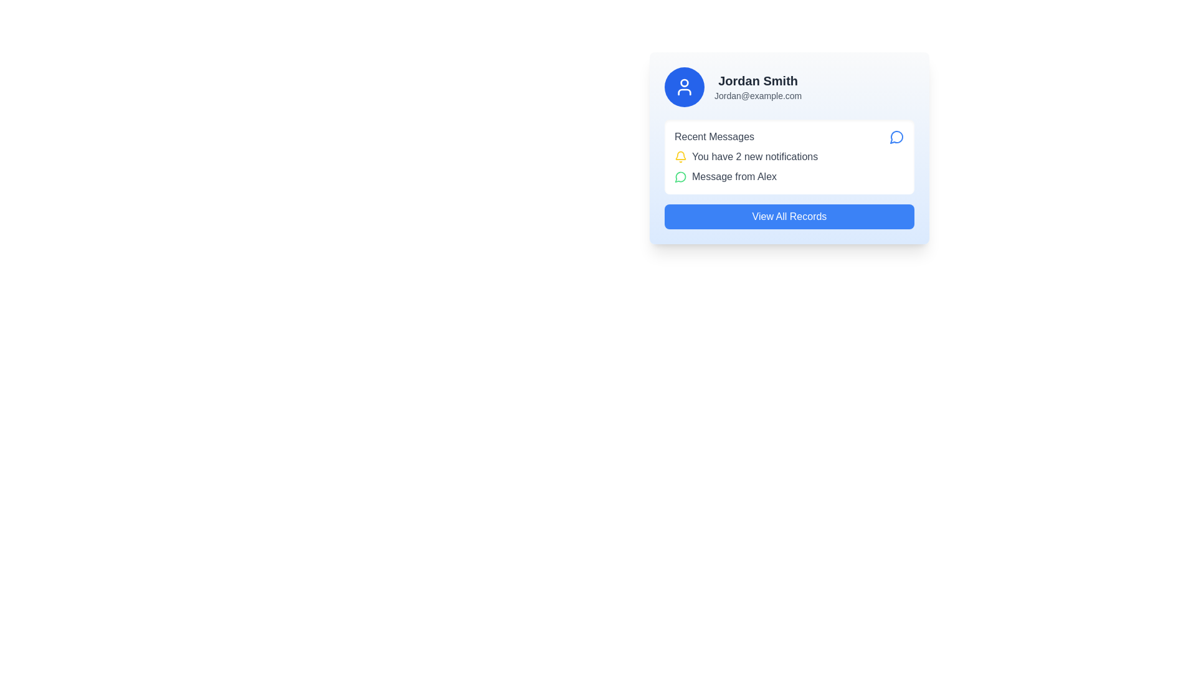 This screenshot has height=673, width=1196. I want to click on the notification label indicating that user 'Alex' has sent a message, so click(789, 177).